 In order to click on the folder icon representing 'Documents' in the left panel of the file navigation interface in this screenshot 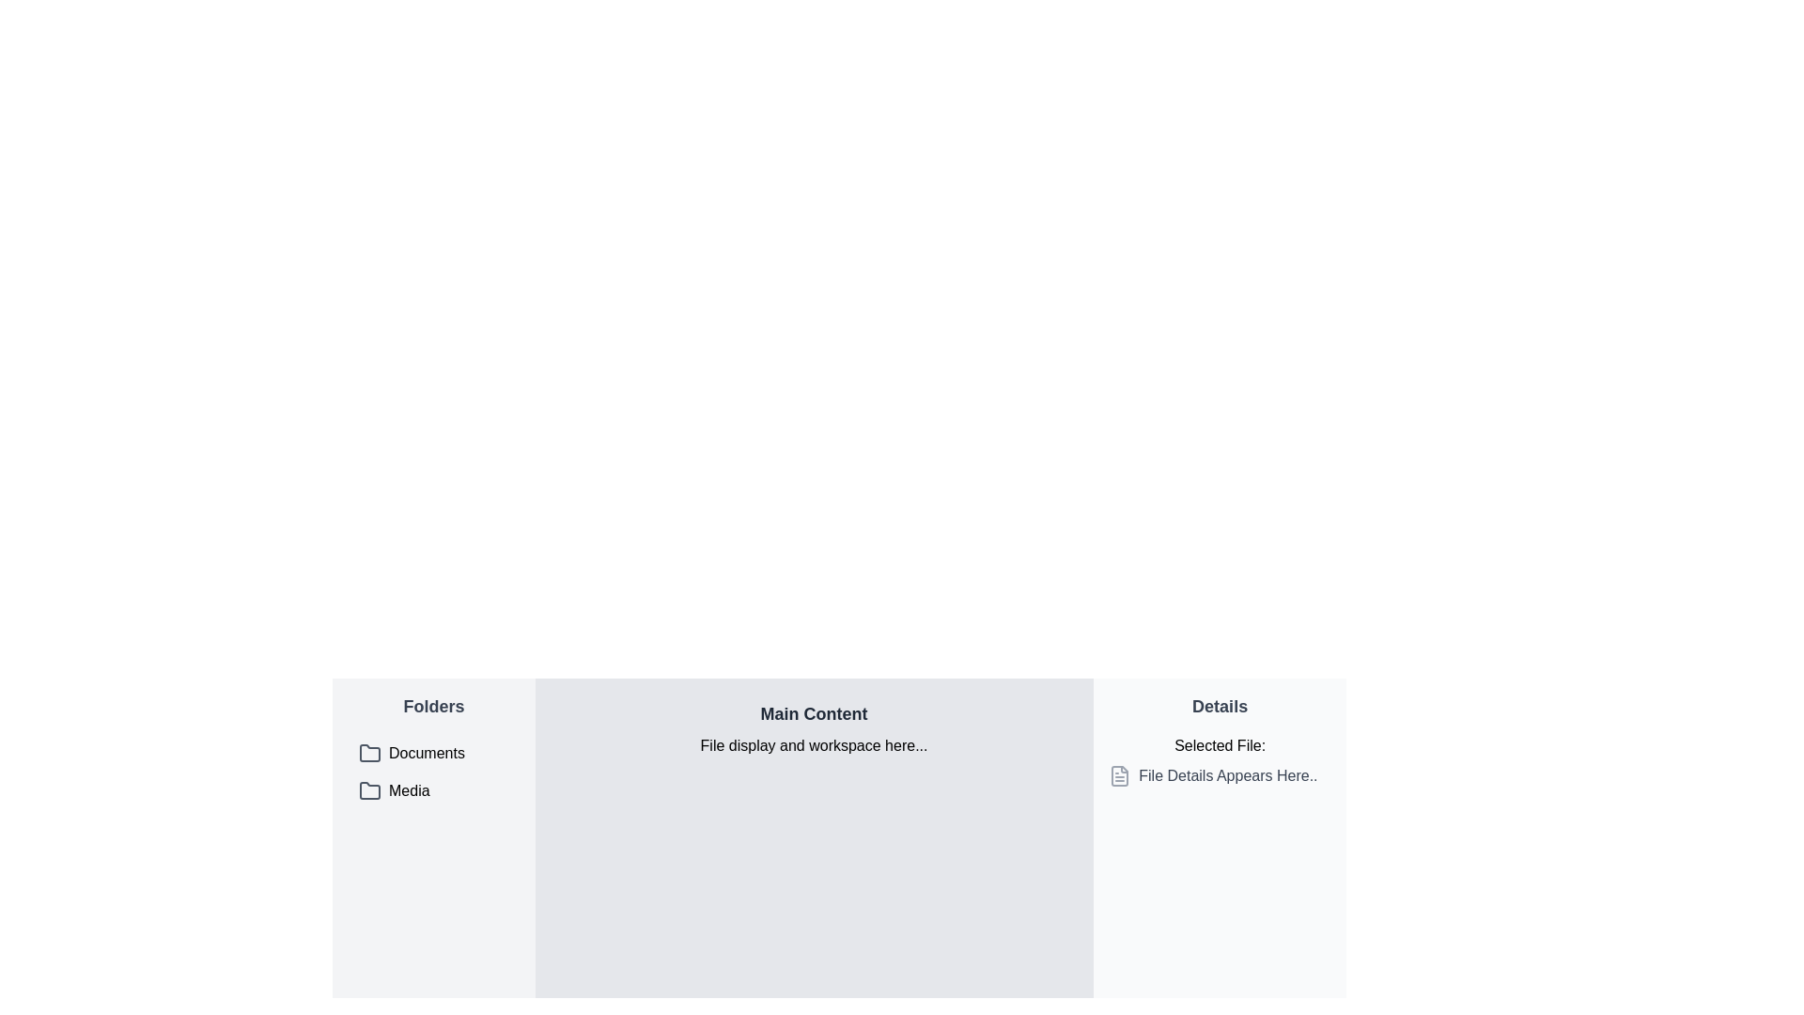, I will do `click(369, 752)`.